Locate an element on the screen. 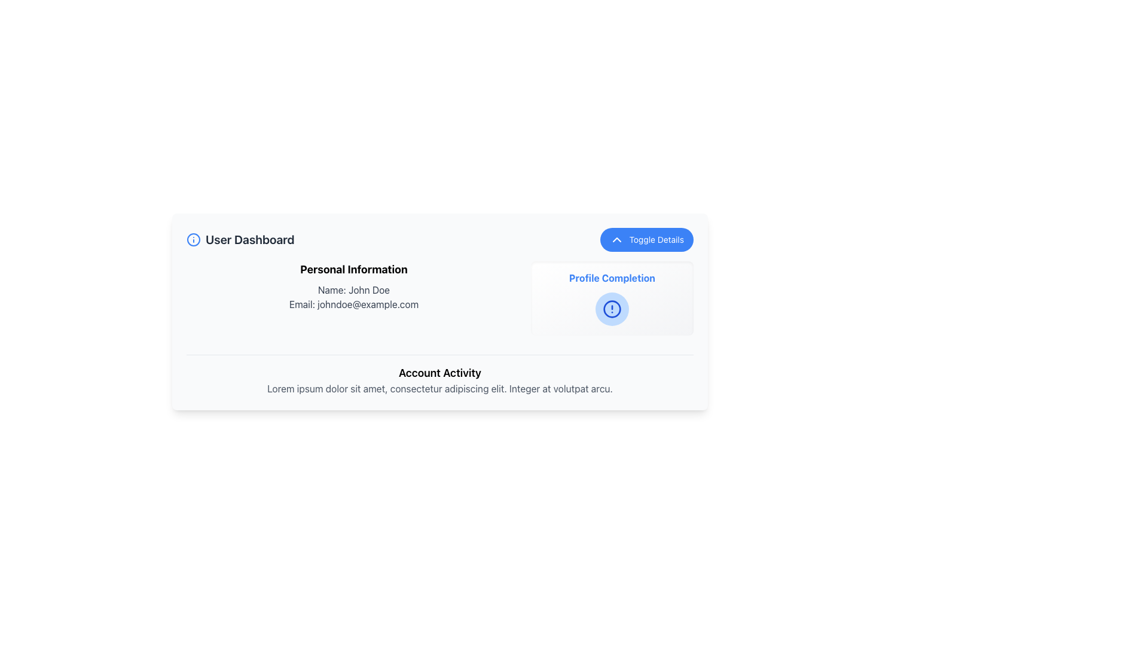 This screenshot has width=1148, height=646. the 'Profile Completion' informational card located in the top-right section of the user details grid layout, adjacent to the 'Personal Information' block is located at coordinates (612, 297).